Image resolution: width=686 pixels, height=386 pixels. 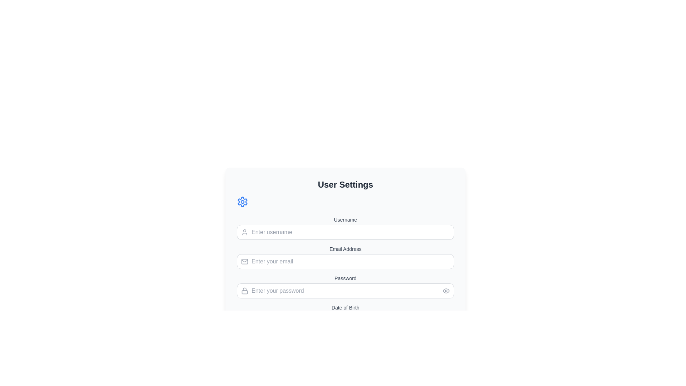 What do you see at coordinates (245, 262) in the screenshot?
I see `the envelope icon representing the email field, which is located to the left inside the email input field, aligned vertically at the center of the field` at bounding box center [245, 262].